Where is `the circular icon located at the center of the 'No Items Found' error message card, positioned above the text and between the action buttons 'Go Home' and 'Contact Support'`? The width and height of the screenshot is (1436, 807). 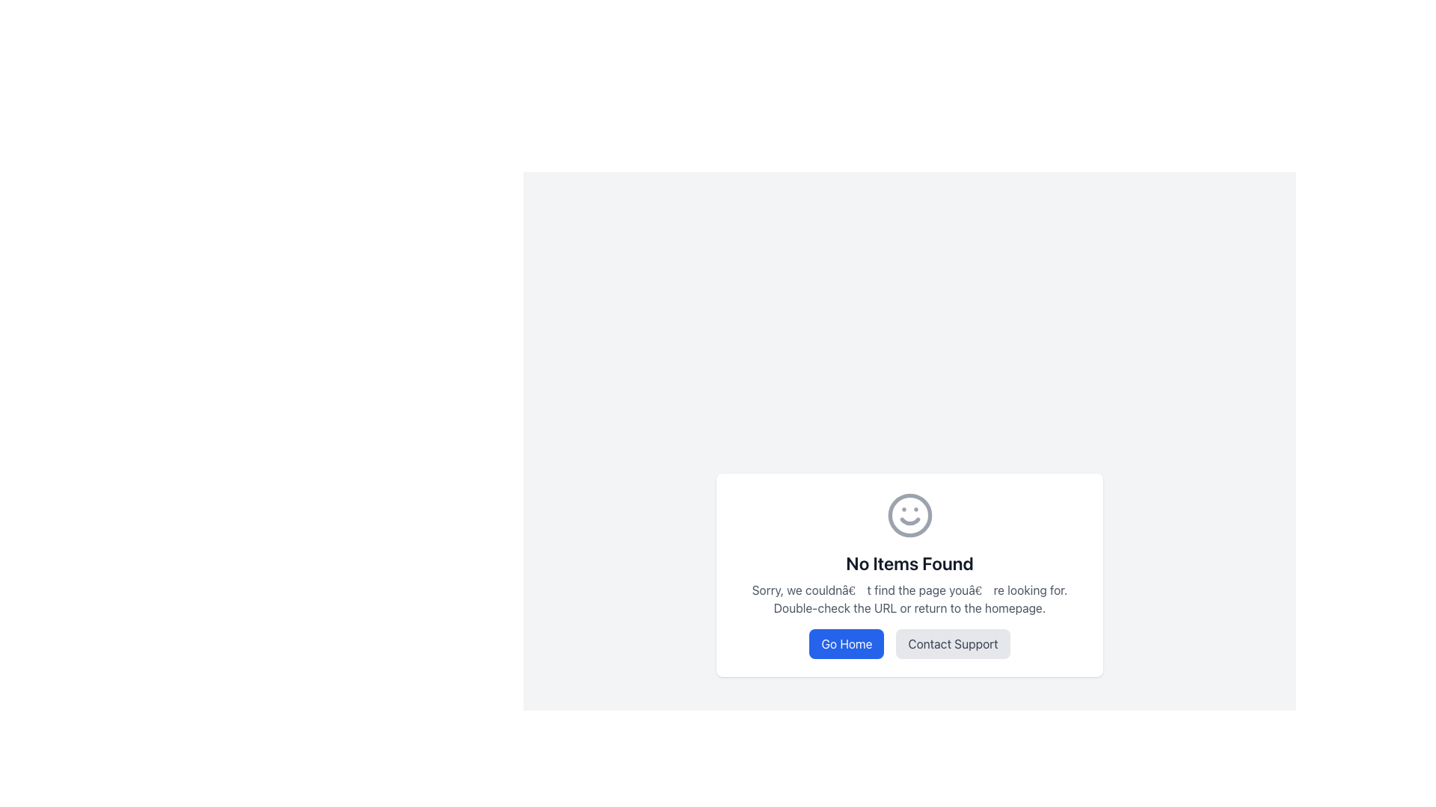
the circular icon located at the center of the 'No Items Found' error message card, positioned above the text and between the action buttons 'Go Home' and 'Contact Support' is located at coordinates (909, 515).